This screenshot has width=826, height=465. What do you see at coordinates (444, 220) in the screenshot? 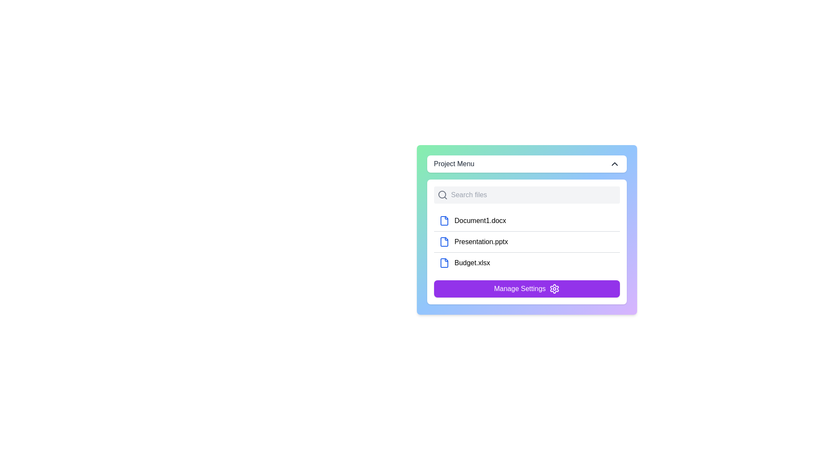
I see `the blue document file icon located to the left of the text labeled 'Document1.docx' in the file list interface` at bounding box center [444, 220].